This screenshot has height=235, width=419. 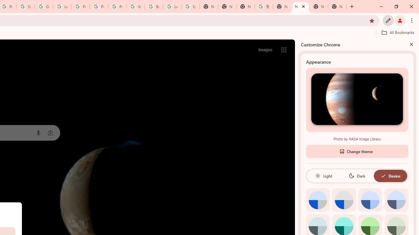 I want to click on 'Grey default color', so click(x=343, y=199).